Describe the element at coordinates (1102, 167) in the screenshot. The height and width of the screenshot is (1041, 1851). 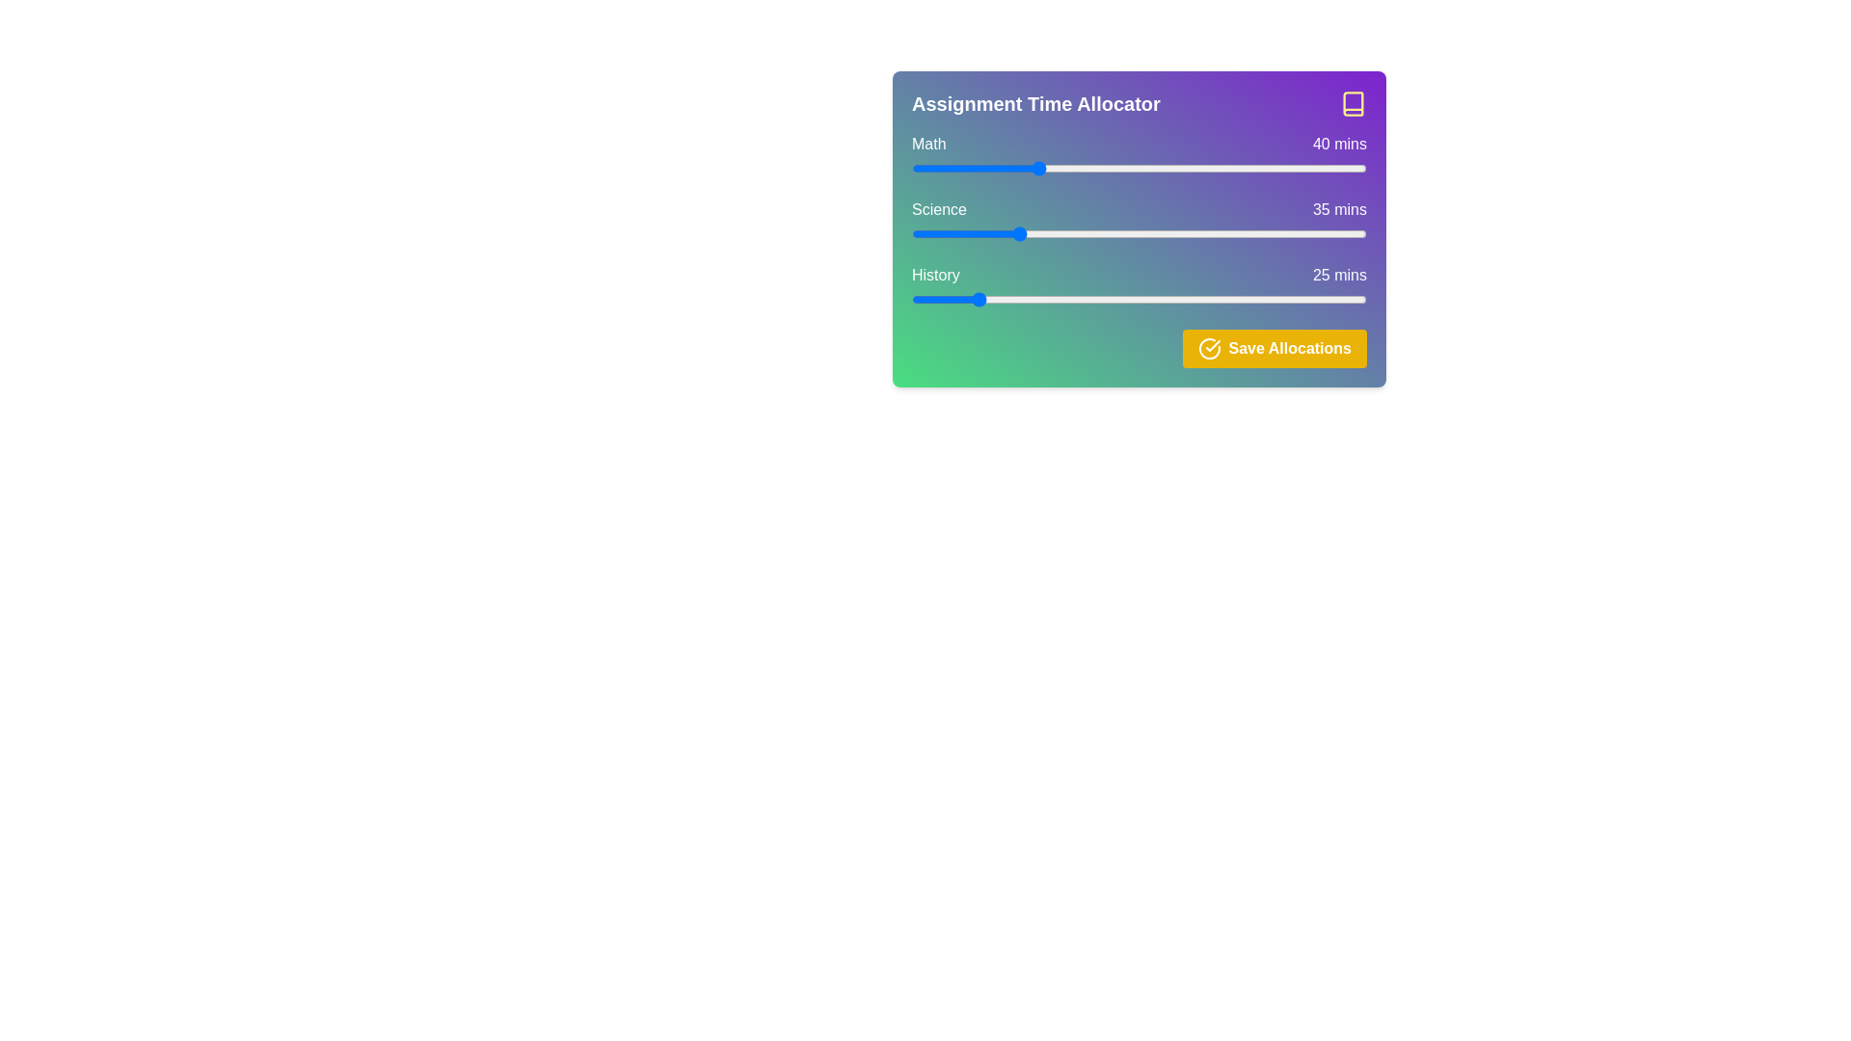
I see `the slider for 'Math'` at that location.